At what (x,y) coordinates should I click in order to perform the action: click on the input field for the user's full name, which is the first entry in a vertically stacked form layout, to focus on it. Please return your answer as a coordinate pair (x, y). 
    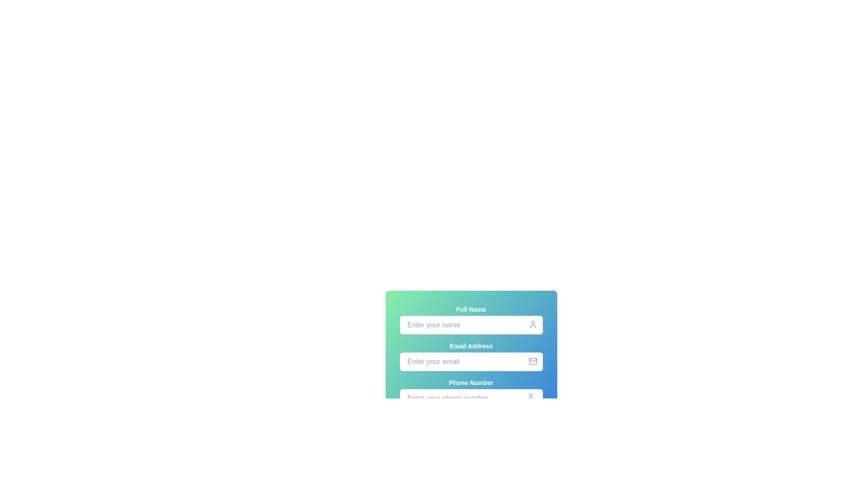
    Looking at the image, I should click on (471, 319).